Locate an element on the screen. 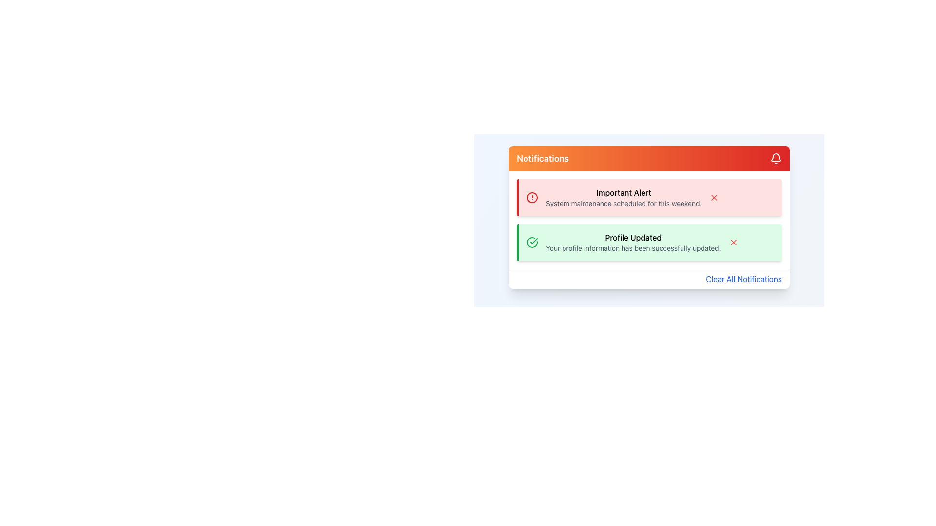 The image size is (936, 526). the green checkmark icon indicating a positive confirmation, which is located centrally within the green notification box for the 'Profile Updated' notification is located at coordinates (533, 241).